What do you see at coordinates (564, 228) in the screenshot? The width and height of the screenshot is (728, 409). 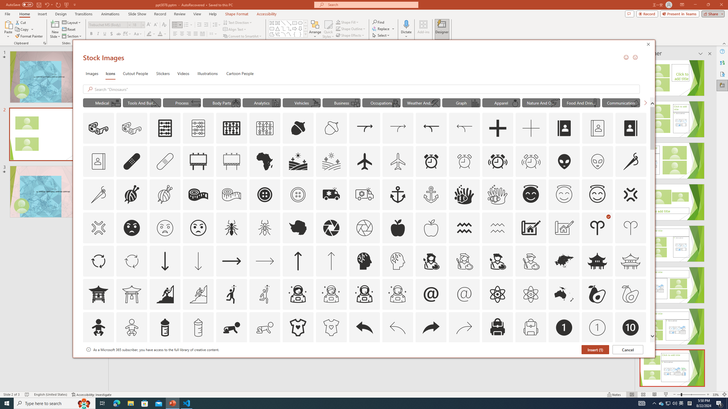 I see `'AutomationID: Icons_Architecture_M'` at bounding box center [564, 228].